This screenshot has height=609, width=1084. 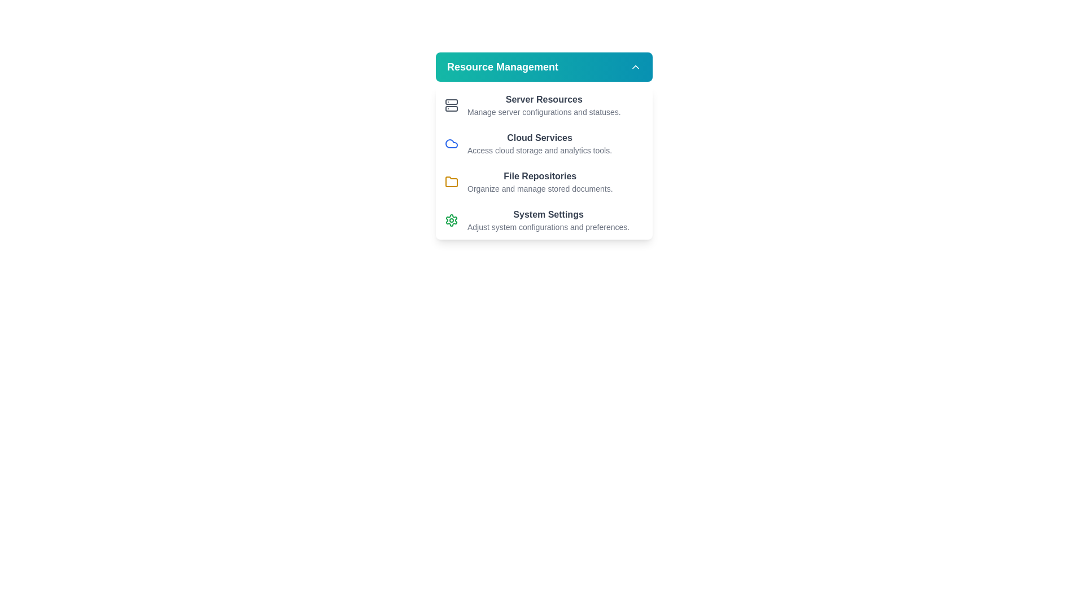 What do you see at coordinates (539, 176) in the screenshot?
I see `the Text label that identifies the 'File Repositories' option, which is the third item in the vertical list under 'Resource Management', located between 'Cloud Services' and 'System Settings'` at bounding box center [539, 176].